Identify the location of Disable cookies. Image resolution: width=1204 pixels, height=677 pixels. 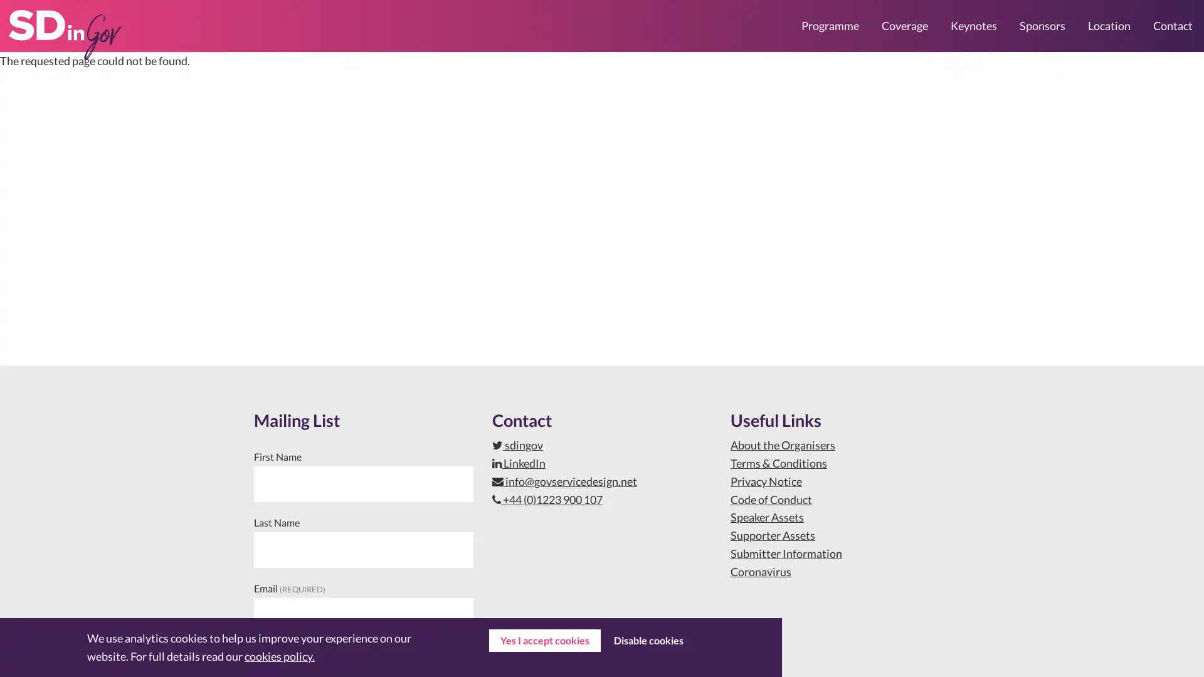
(648, 641).